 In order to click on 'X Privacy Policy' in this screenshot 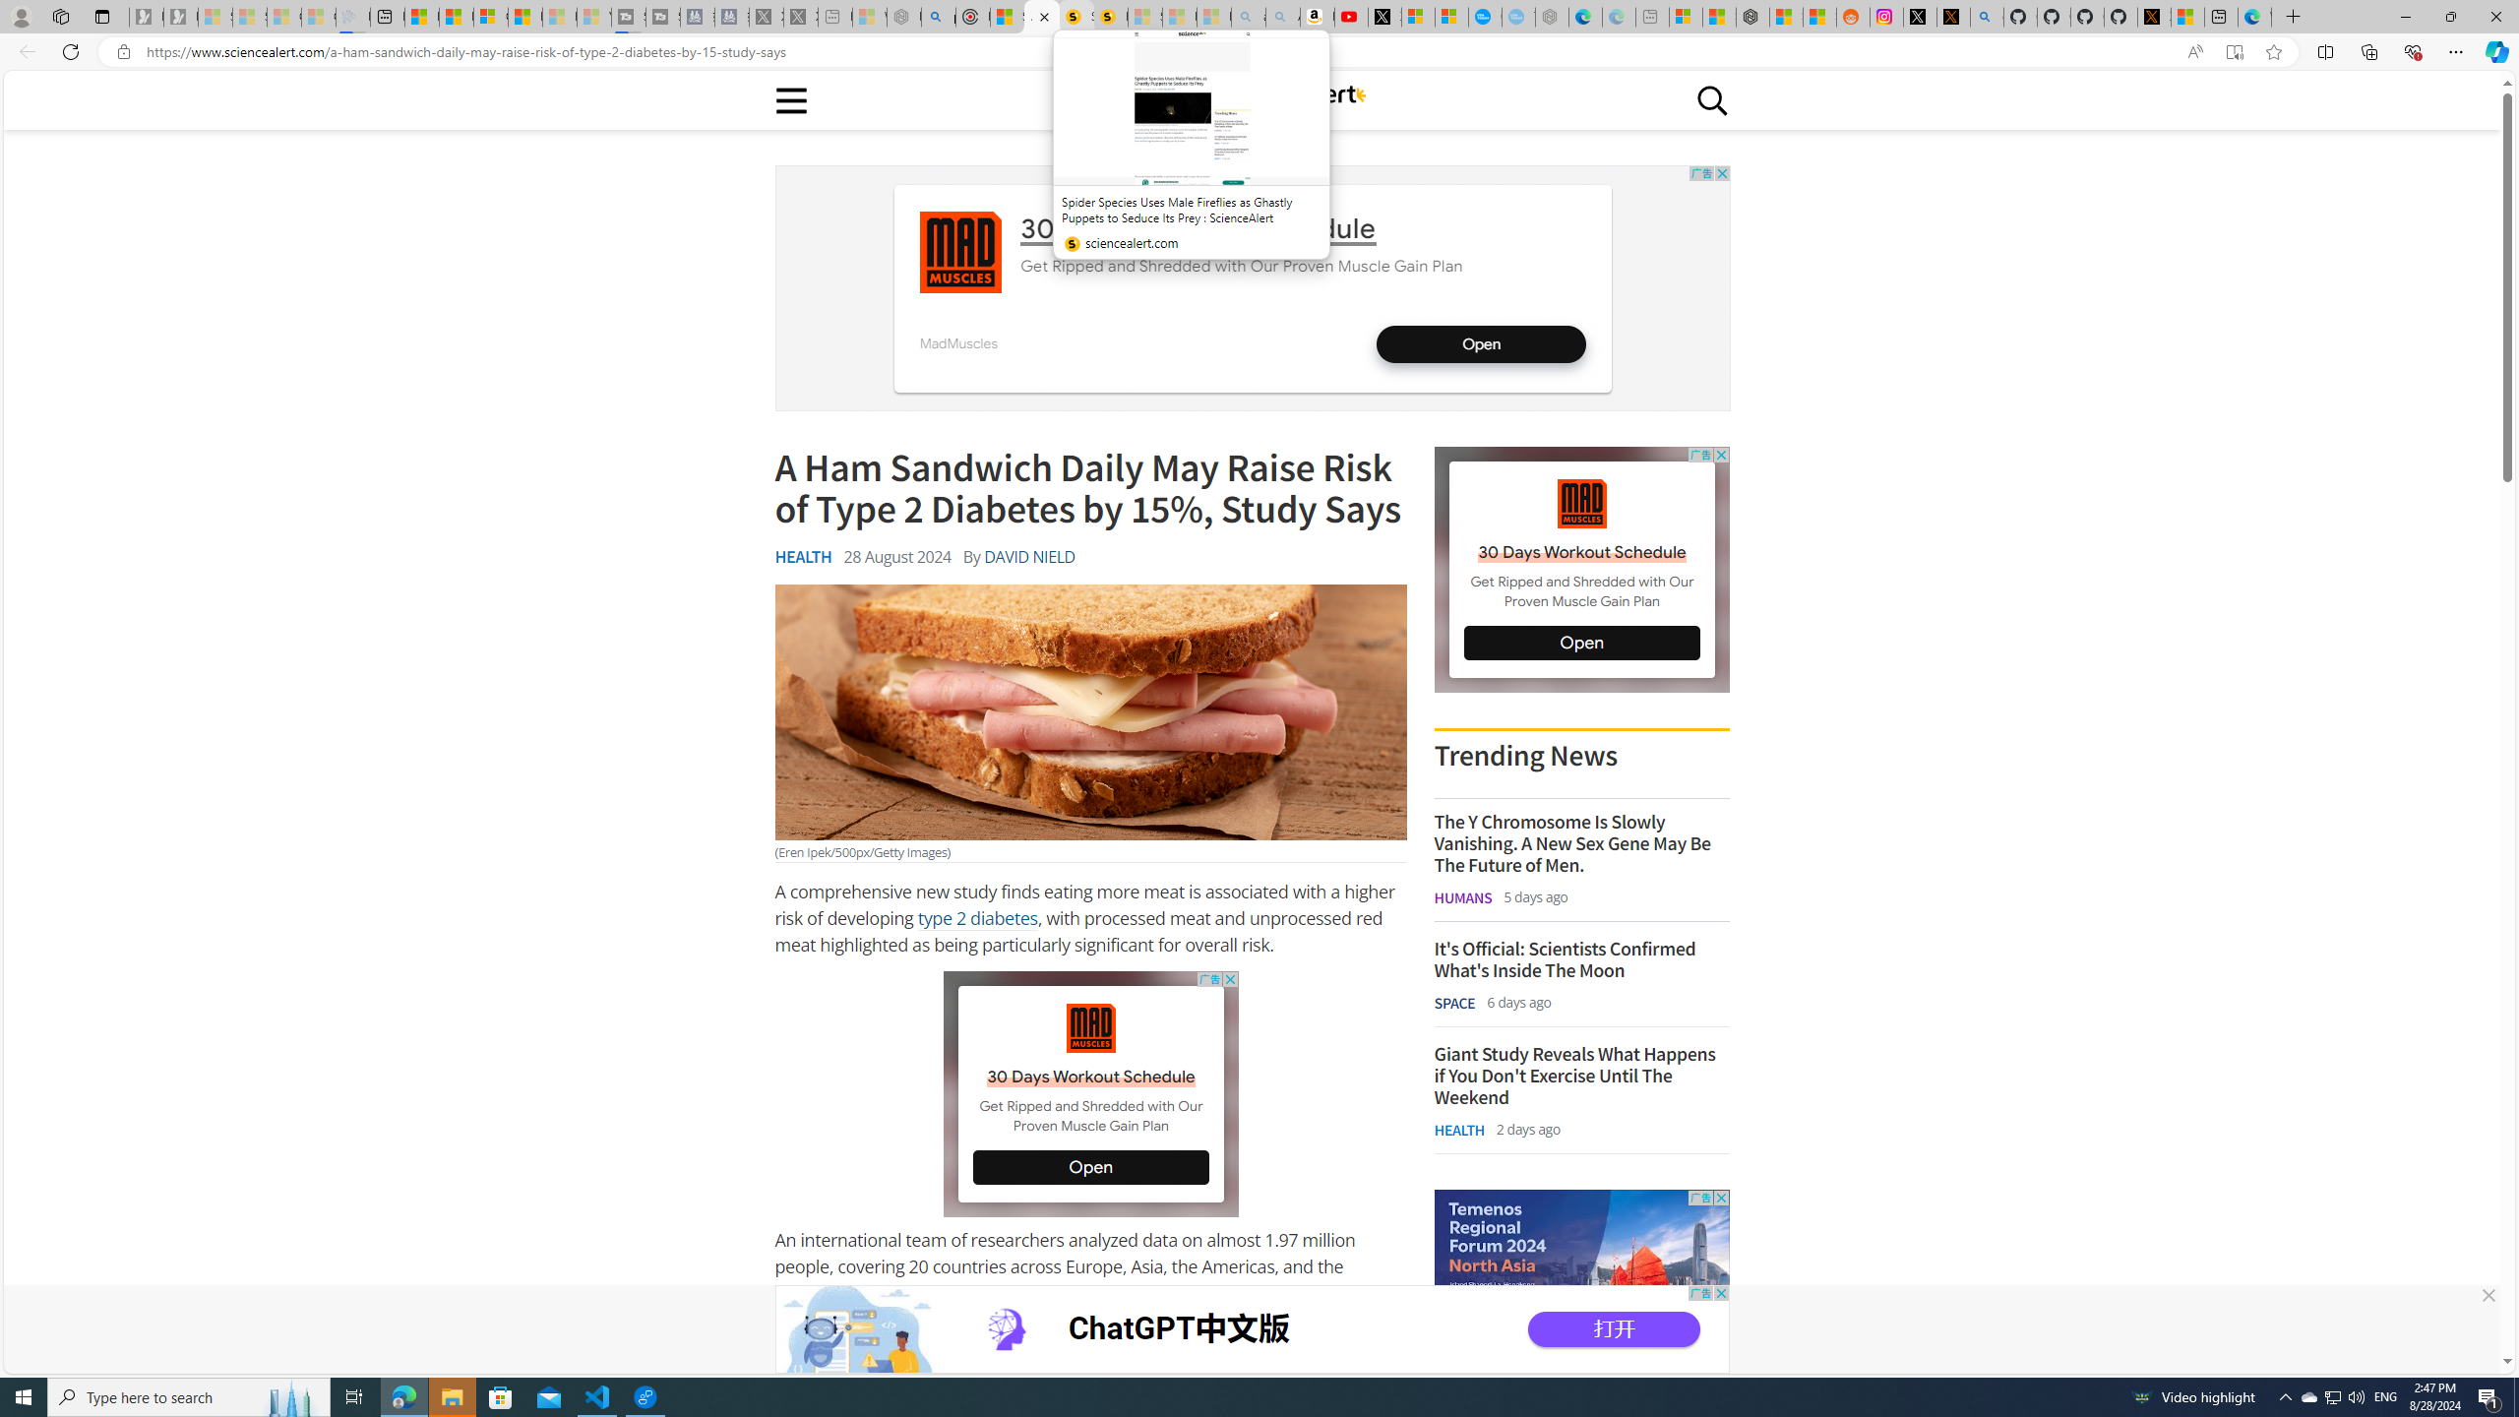, I will do `click(2153, 16)`.